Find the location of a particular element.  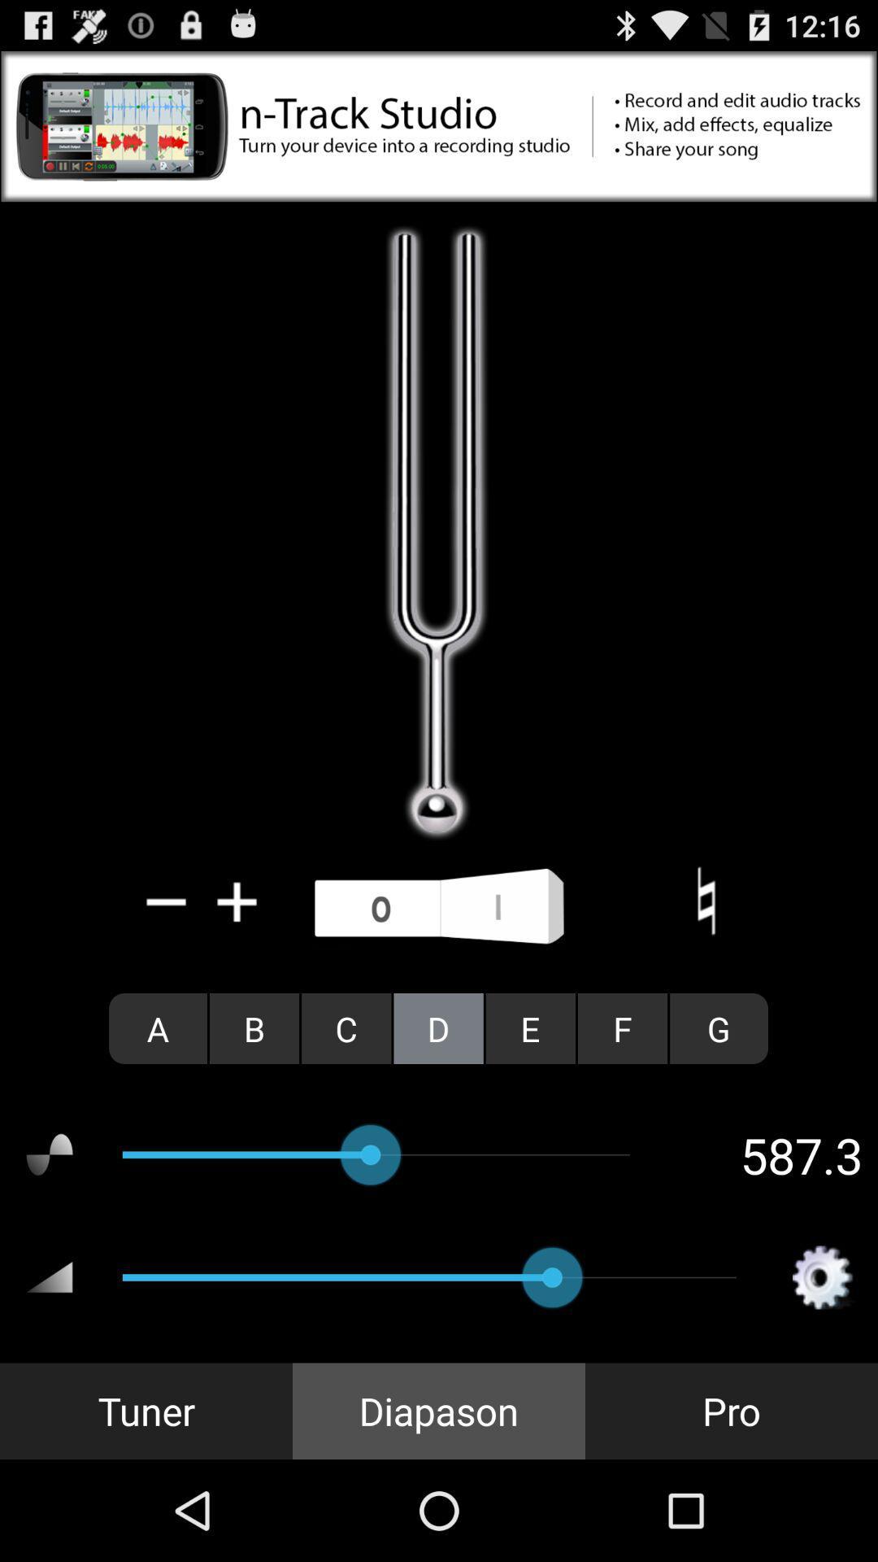

increase is located at coordinates (237, 901).